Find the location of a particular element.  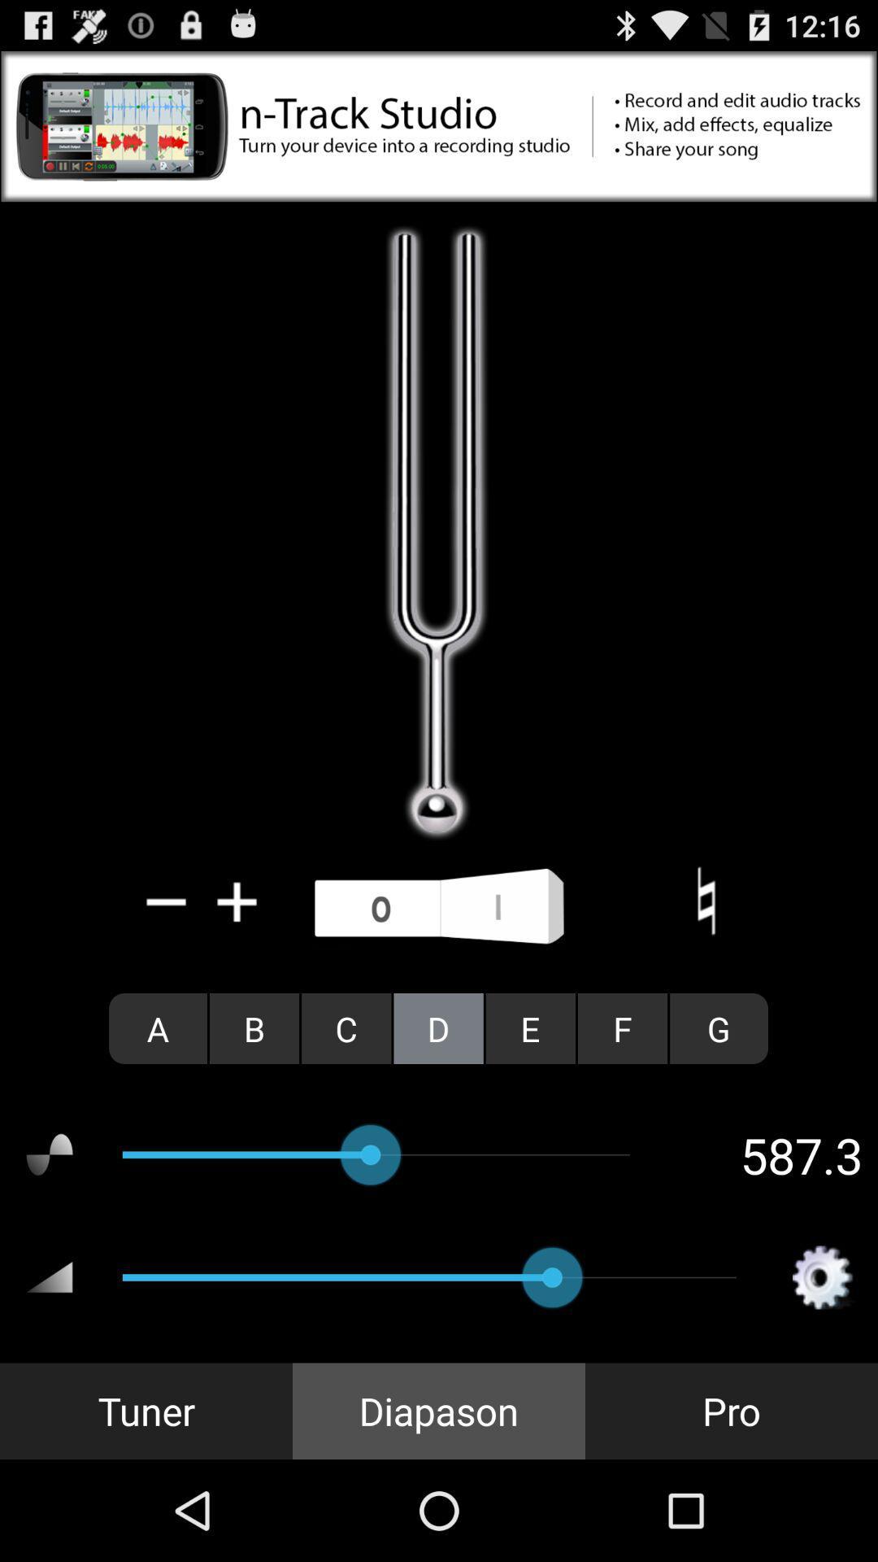

increase is located at coordinates (237, 901).